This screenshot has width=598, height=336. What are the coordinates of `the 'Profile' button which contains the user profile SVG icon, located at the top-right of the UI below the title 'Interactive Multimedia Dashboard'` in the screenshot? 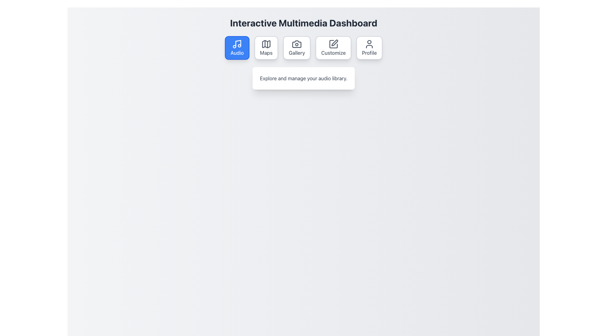 It's located at (369, 44).